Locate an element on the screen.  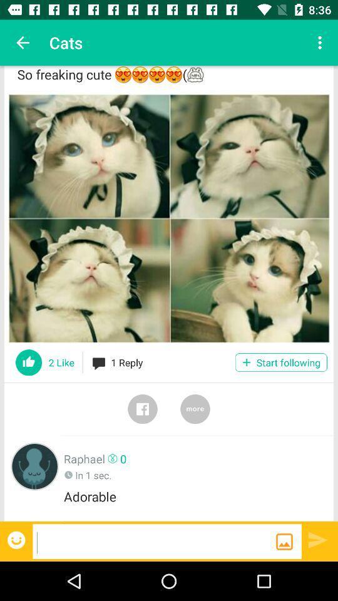
smileys is located at coordinates (17, 539).